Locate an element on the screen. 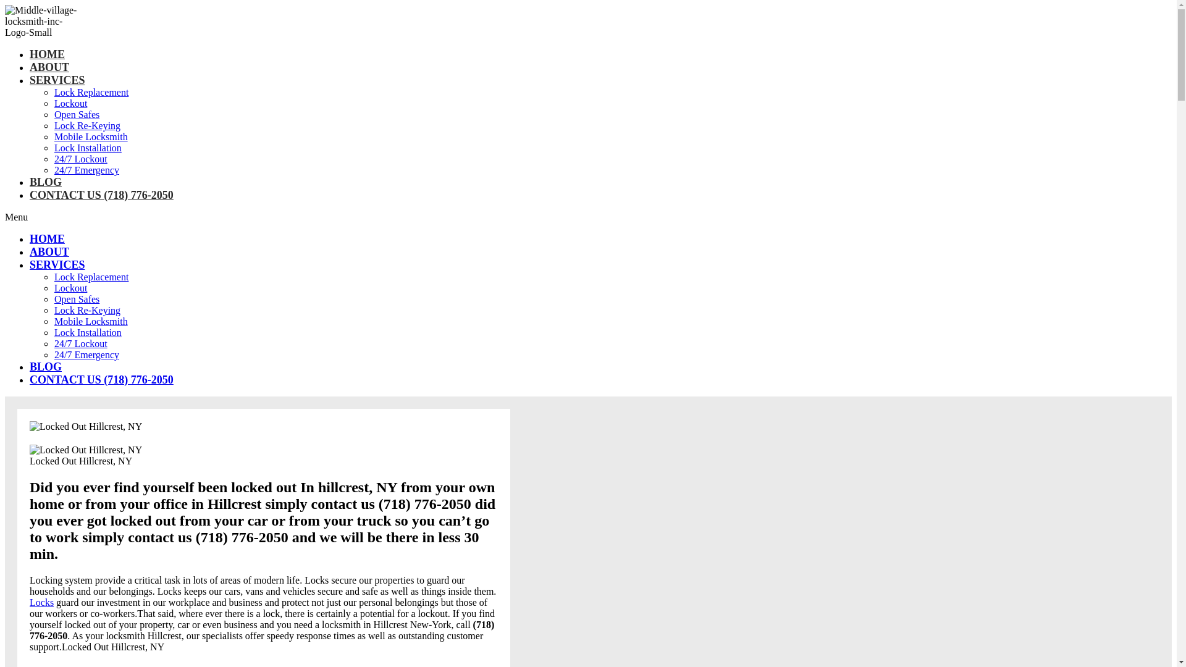  'Skip to content' is located at coordinates (4, 4).